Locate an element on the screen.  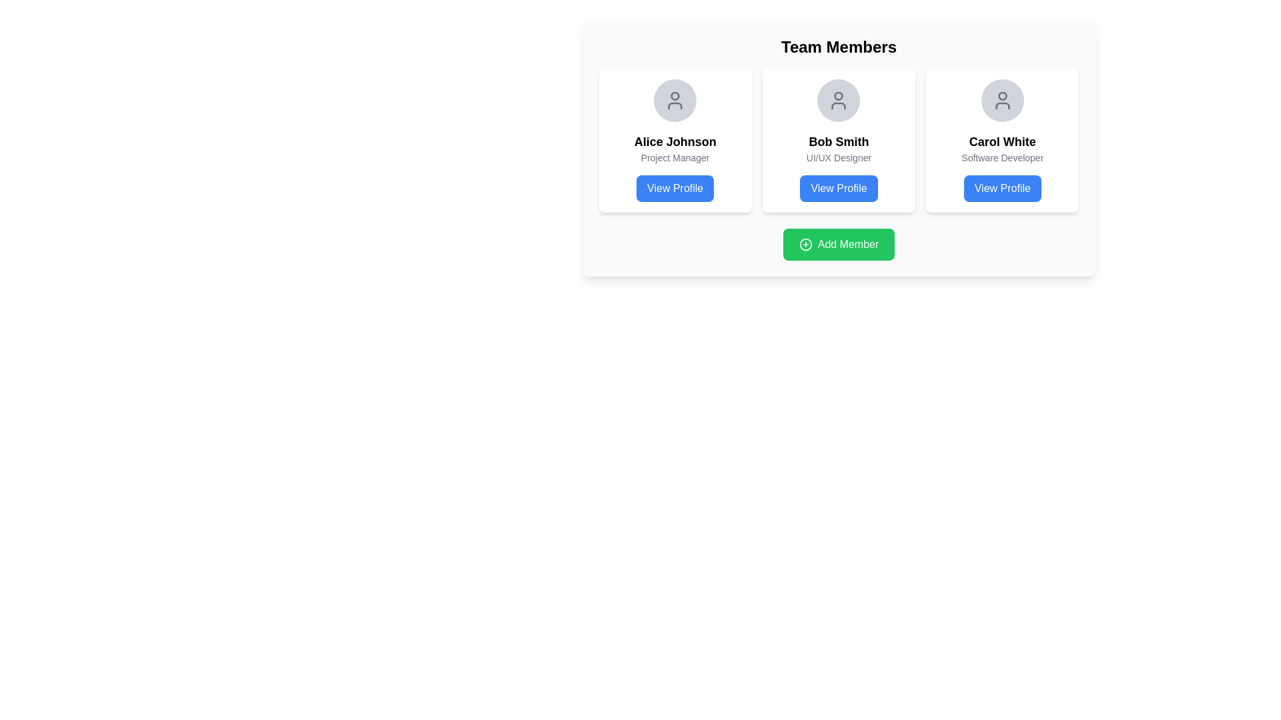
the Avatar/Icon Holder, a circular gray area with a centered user icon, located at the top of the profile card for 'Alice Johnson' is located at coordinates (675, 99).